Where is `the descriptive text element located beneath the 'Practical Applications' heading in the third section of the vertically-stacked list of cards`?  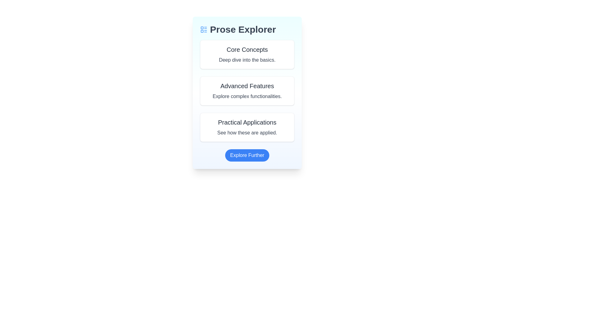 the descriptive text element located beneath the 'Practical Applications' heading in the third section of the vertically-stacked list of cards is located at coordinates (247, 133).